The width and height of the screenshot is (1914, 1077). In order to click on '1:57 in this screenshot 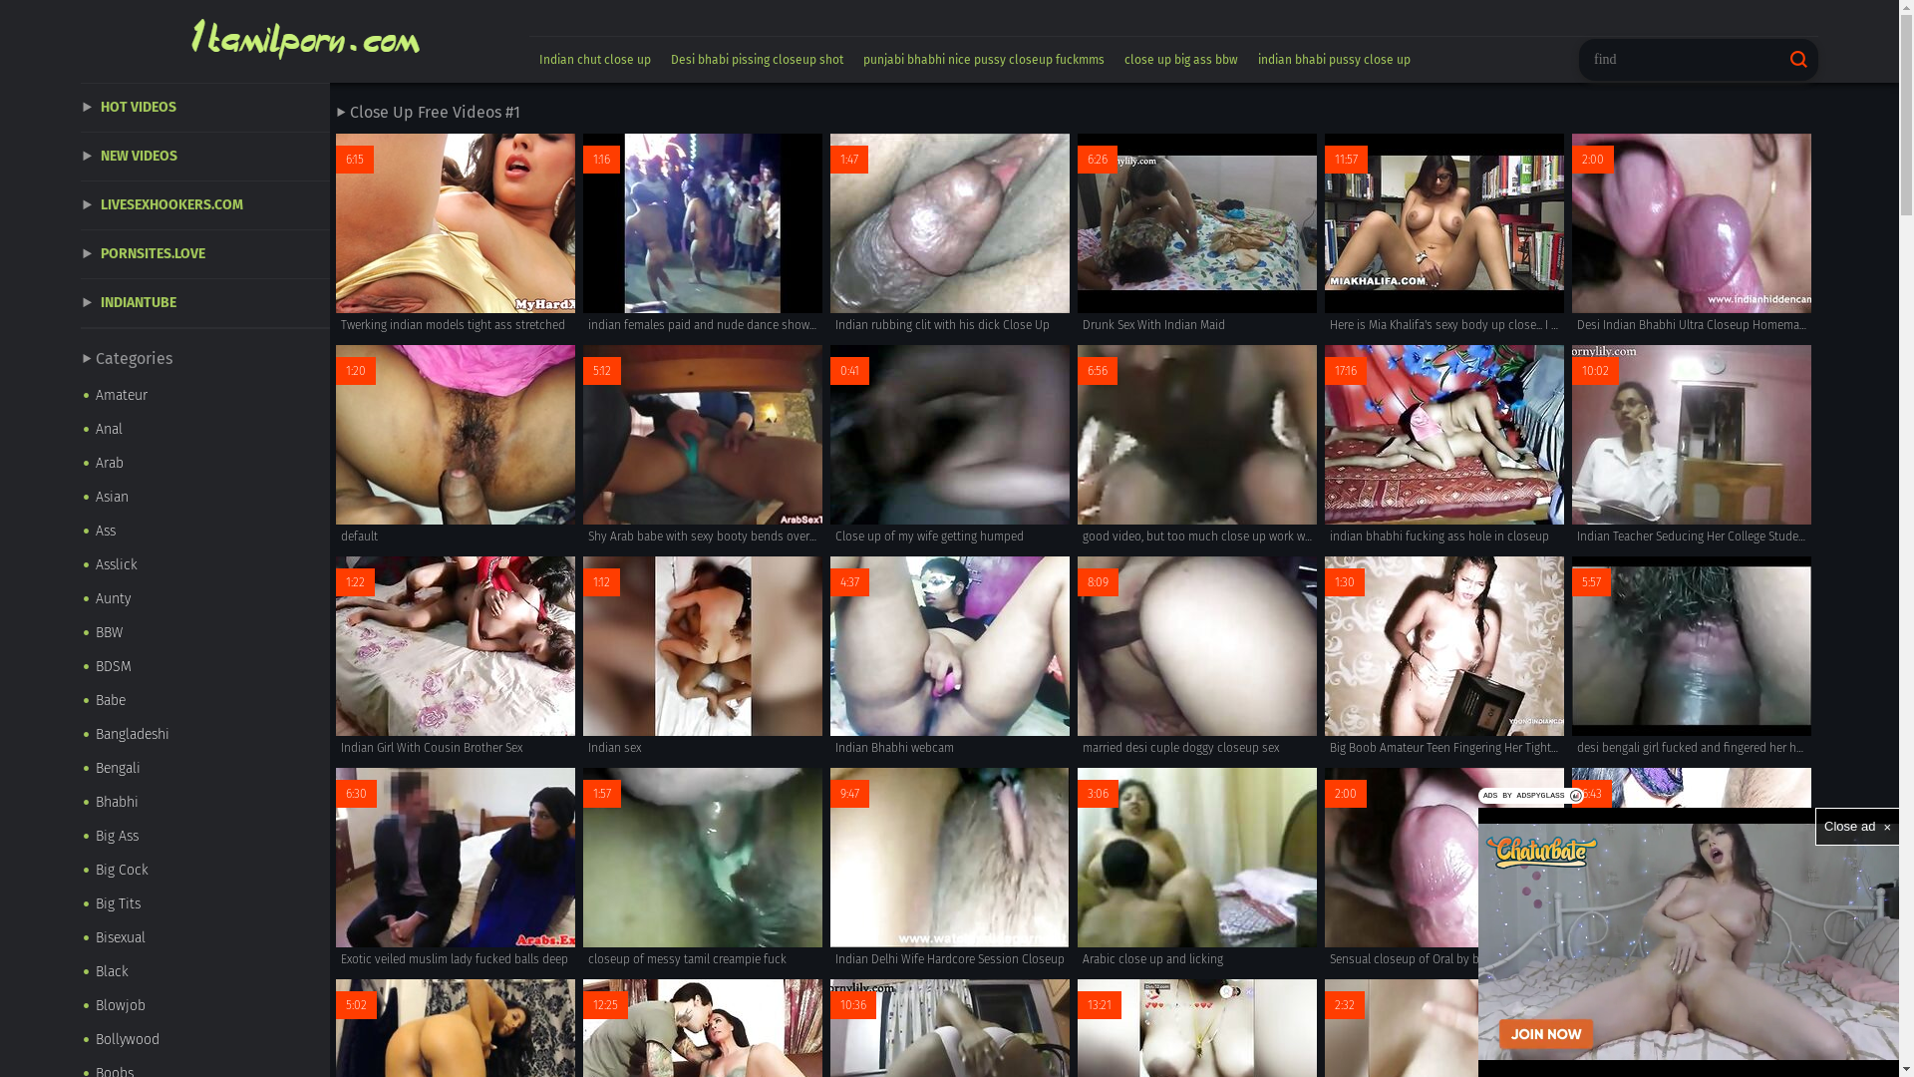, I will do `click(703, 868)`.